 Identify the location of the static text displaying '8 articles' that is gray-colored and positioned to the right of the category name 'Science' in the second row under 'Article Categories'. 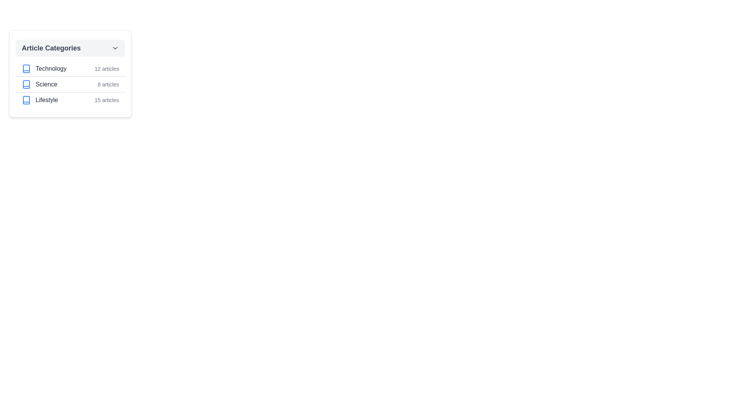
(108, 84).